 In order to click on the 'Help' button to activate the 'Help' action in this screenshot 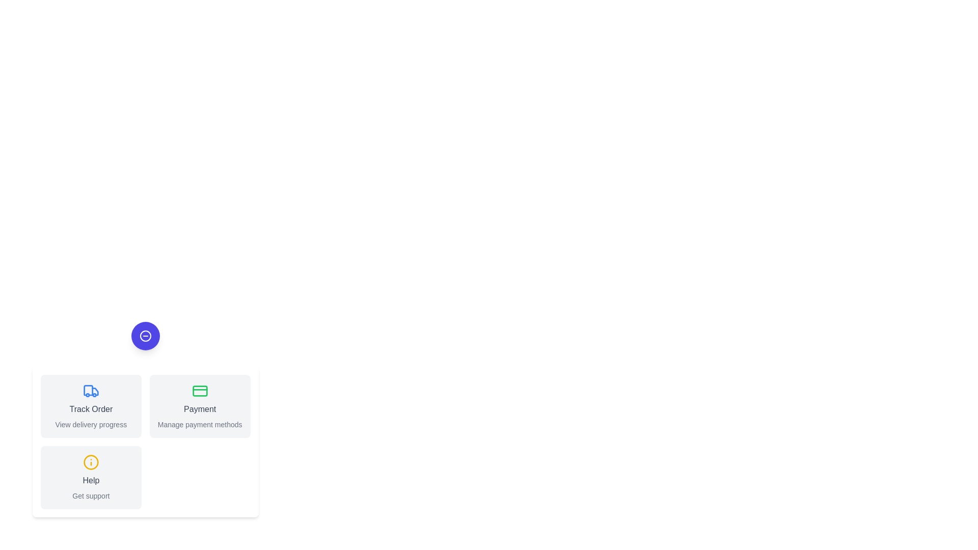, I will do `click(91, 477)`.